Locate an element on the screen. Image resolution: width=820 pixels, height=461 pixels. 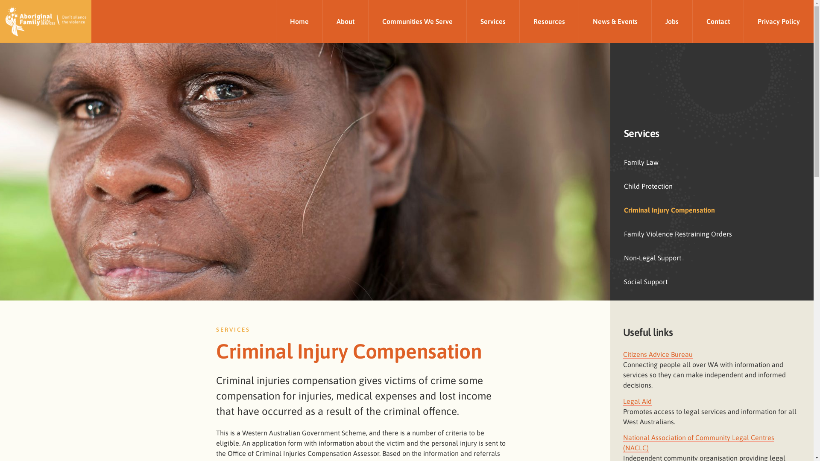
'Legal Aid' is located at coordinates (637, 402).